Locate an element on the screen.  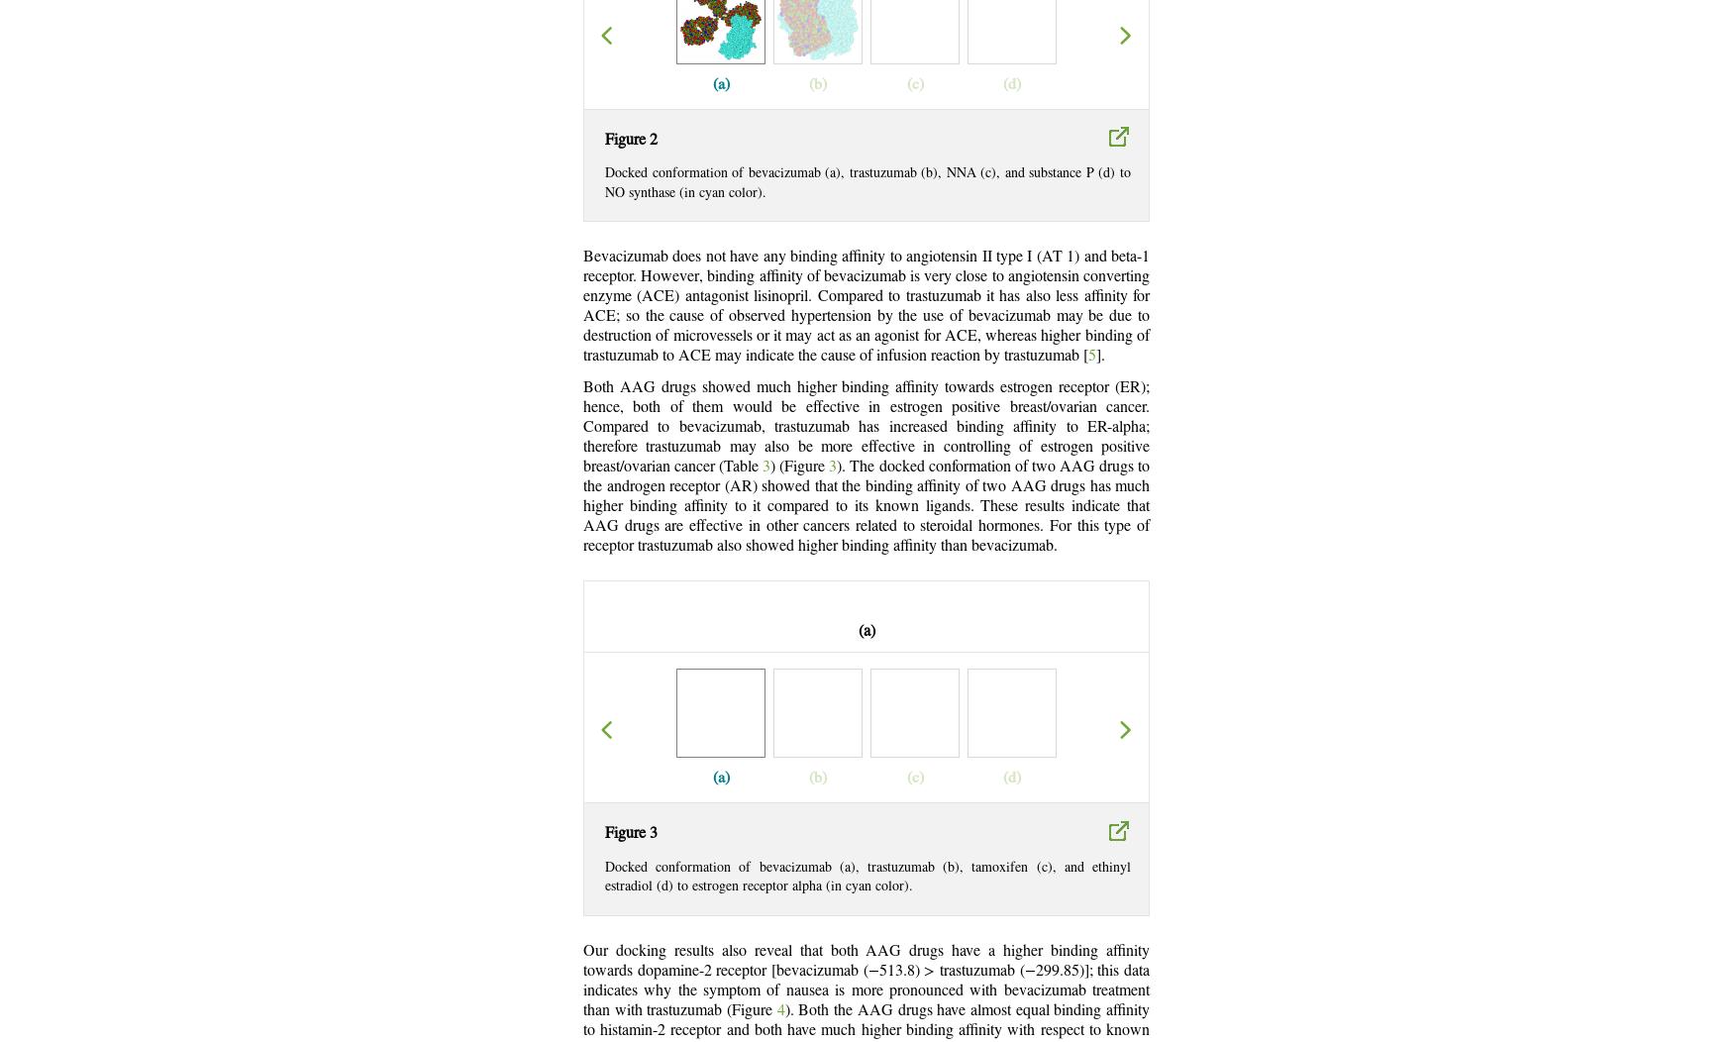
'). The docked conformation of two AAG drugs to the androgen receptor (AR) showed that the binding affinity of two AAG drugs has much higher binding affinity to it compared to its known ligands. These results indicate that AAG drugs are effective in other cancers related to steroidal hormones. For this type of receptor trastuzumab also showed higher binding affinity than bevacizumab.' is located at coordinates (866, 506).